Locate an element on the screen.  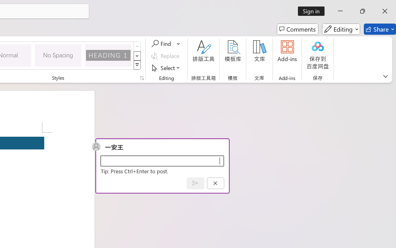
'Editing' is located at coordinates (341, 29).